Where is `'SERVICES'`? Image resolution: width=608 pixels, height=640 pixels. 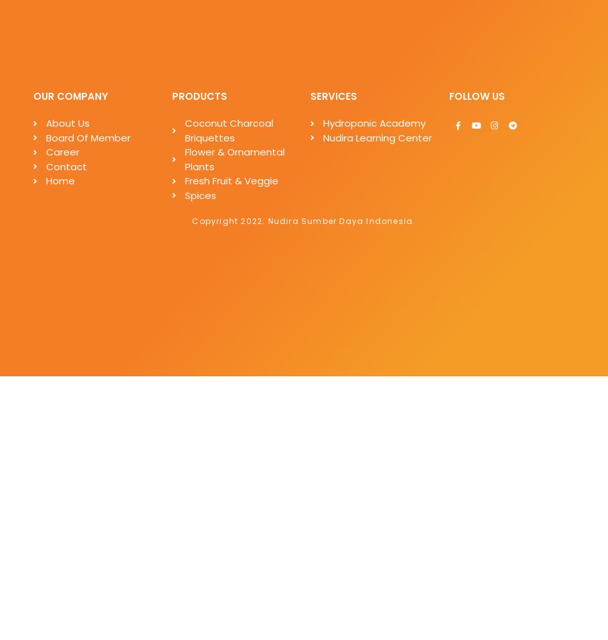
'SERVICES' is located at coordinates (333, 95).